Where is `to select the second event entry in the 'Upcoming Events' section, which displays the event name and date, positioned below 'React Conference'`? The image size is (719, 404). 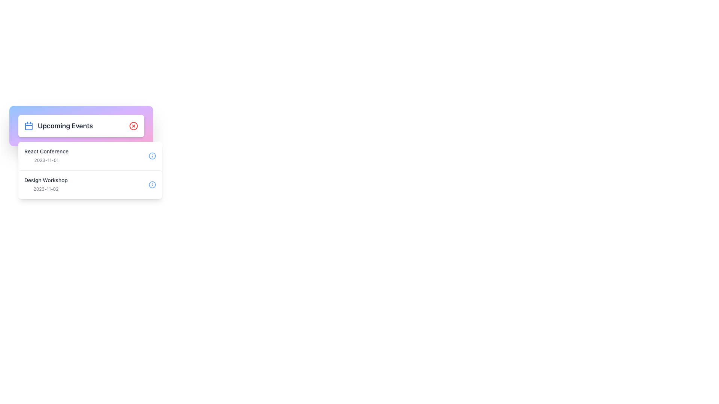 to select the second event entry in the 'Upcoming Events' section, which displays the event name and date, positioned below 'React Conference' is located at coordinates (45, 184).